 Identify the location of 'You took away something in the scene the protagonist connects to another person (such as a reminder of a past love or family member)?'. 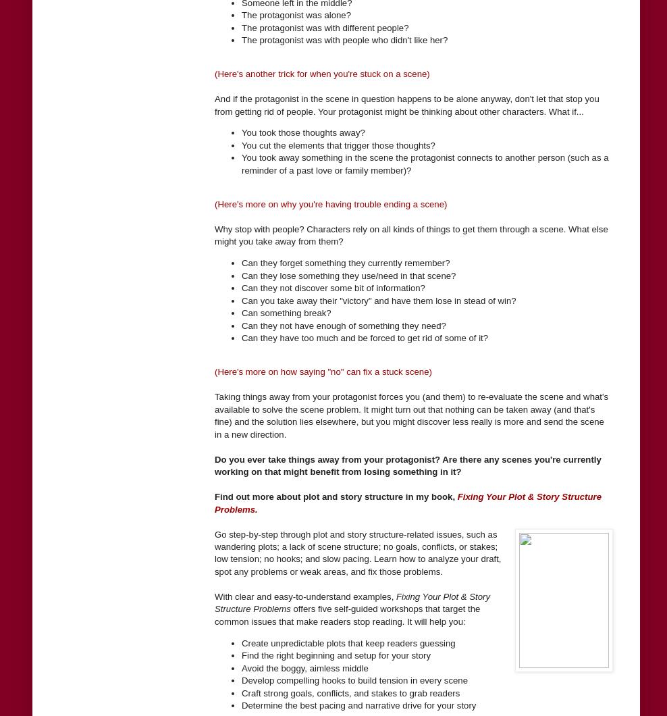
(241, 163).